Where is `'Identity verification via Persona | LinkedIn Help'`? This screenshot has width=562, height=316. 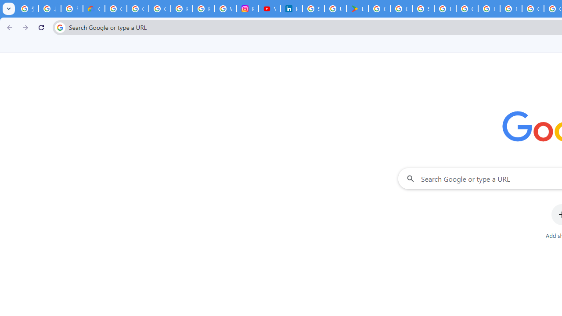
'Identity verification via Persona | LinkedIn Help' is located at coordinates (291, 9).